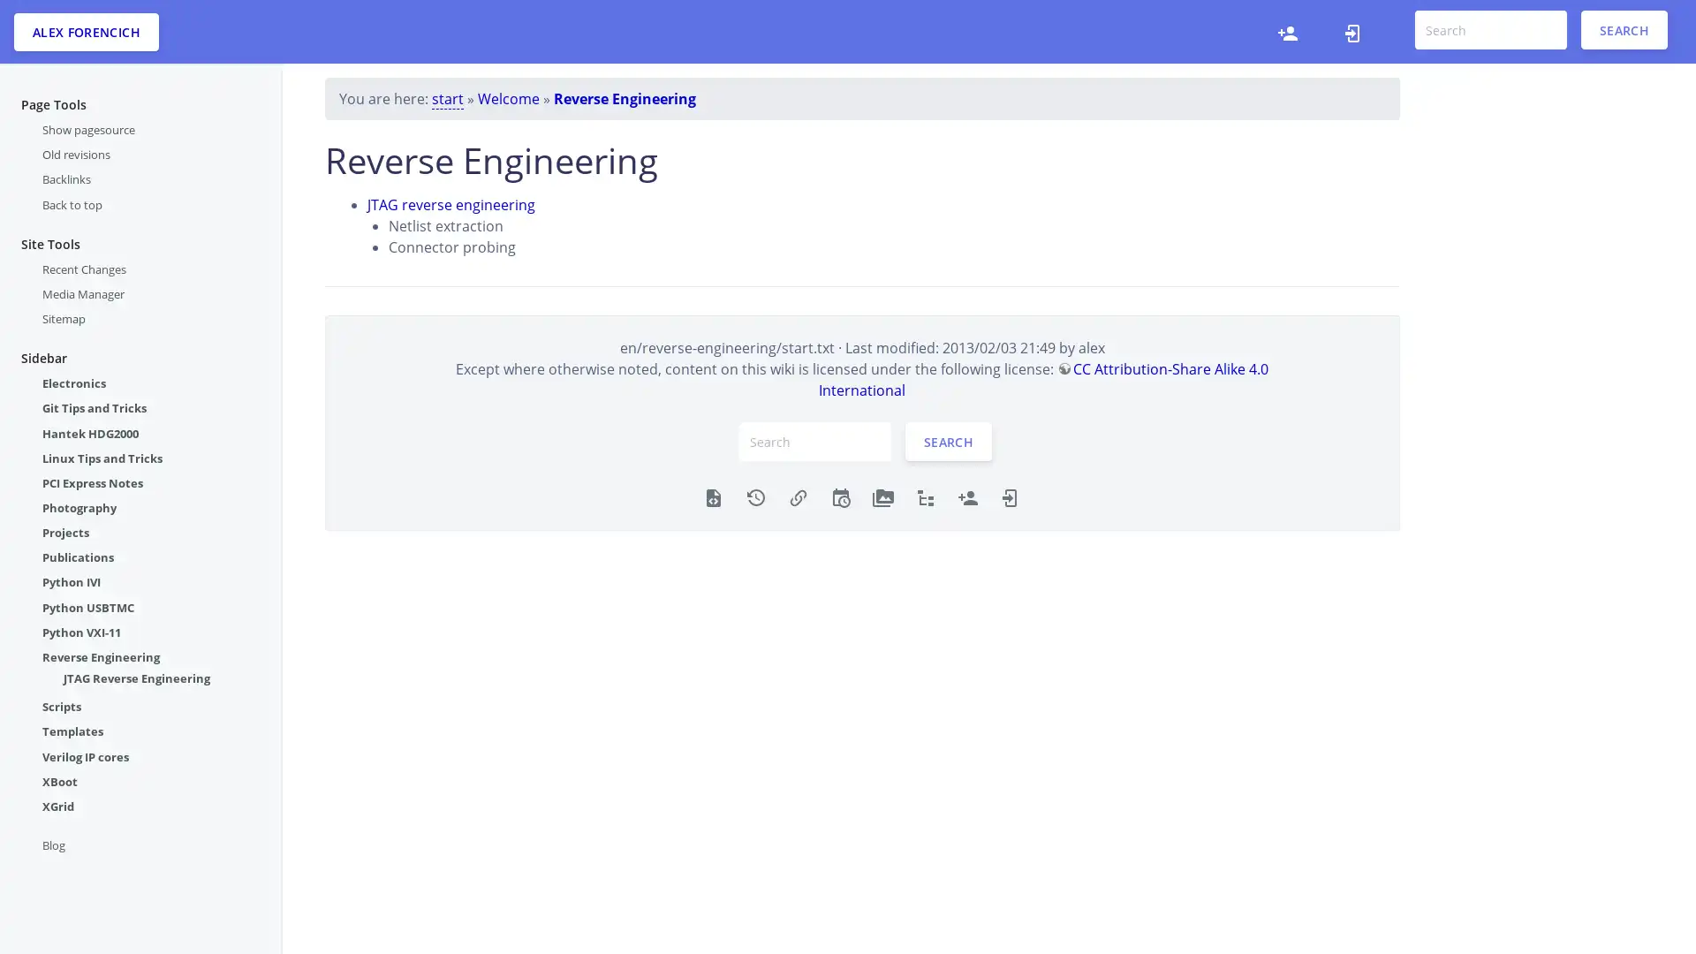 This screenshot has width=1696, height=954. I want to click on SEARCH, so click(1624, 30).